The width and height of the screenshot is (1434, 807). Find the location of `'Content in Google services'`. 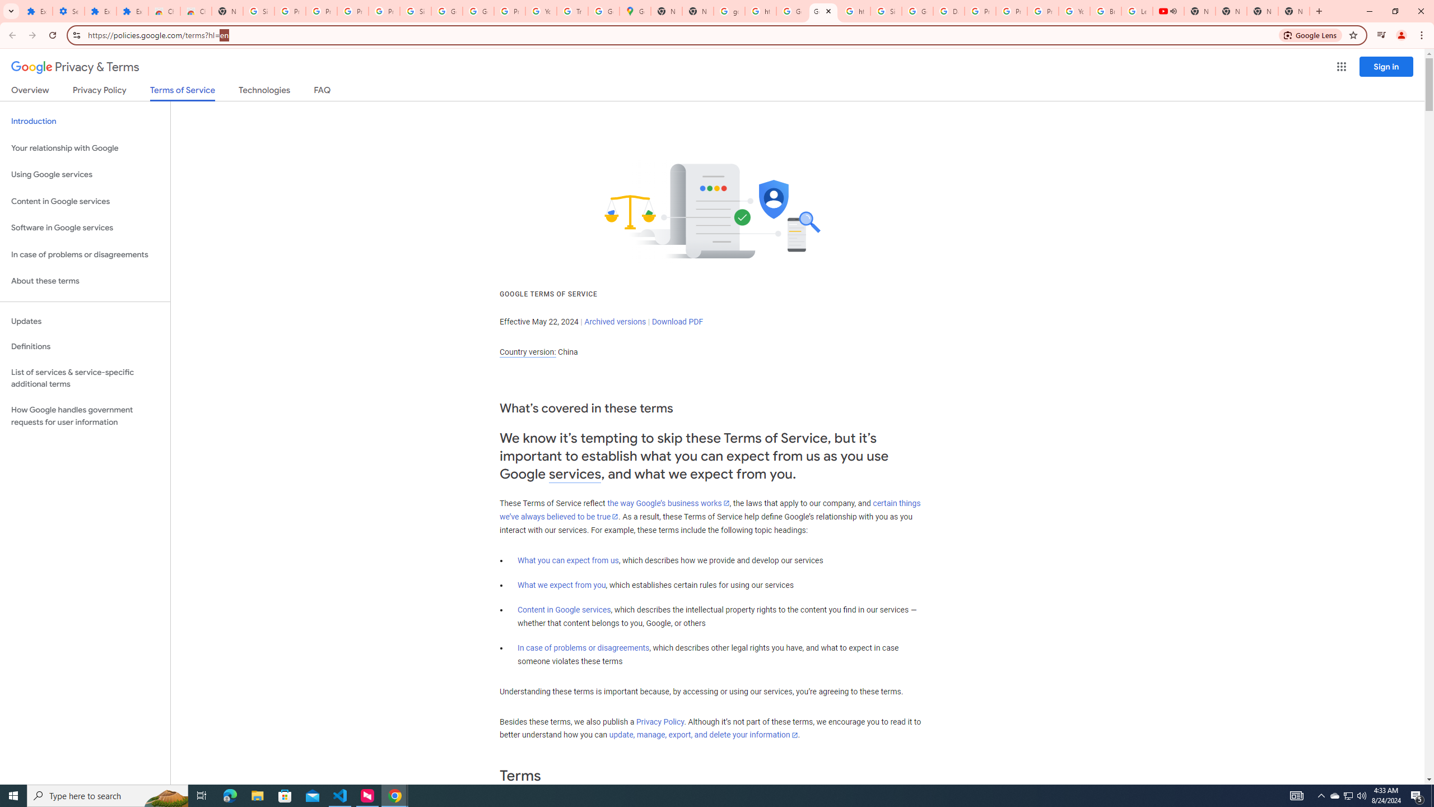

'Content in Google services' is located at coordinates (564, 609).